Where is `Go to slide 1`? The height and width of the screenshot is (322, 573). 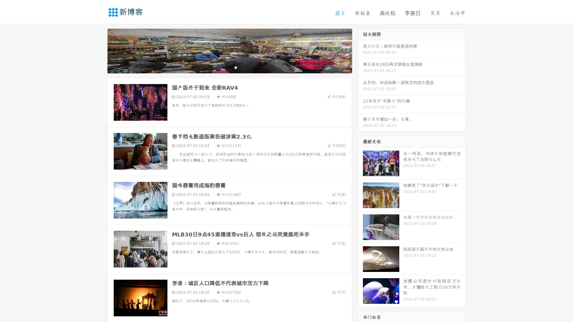 Go to slide 1 is located at coordinates (223, 67).